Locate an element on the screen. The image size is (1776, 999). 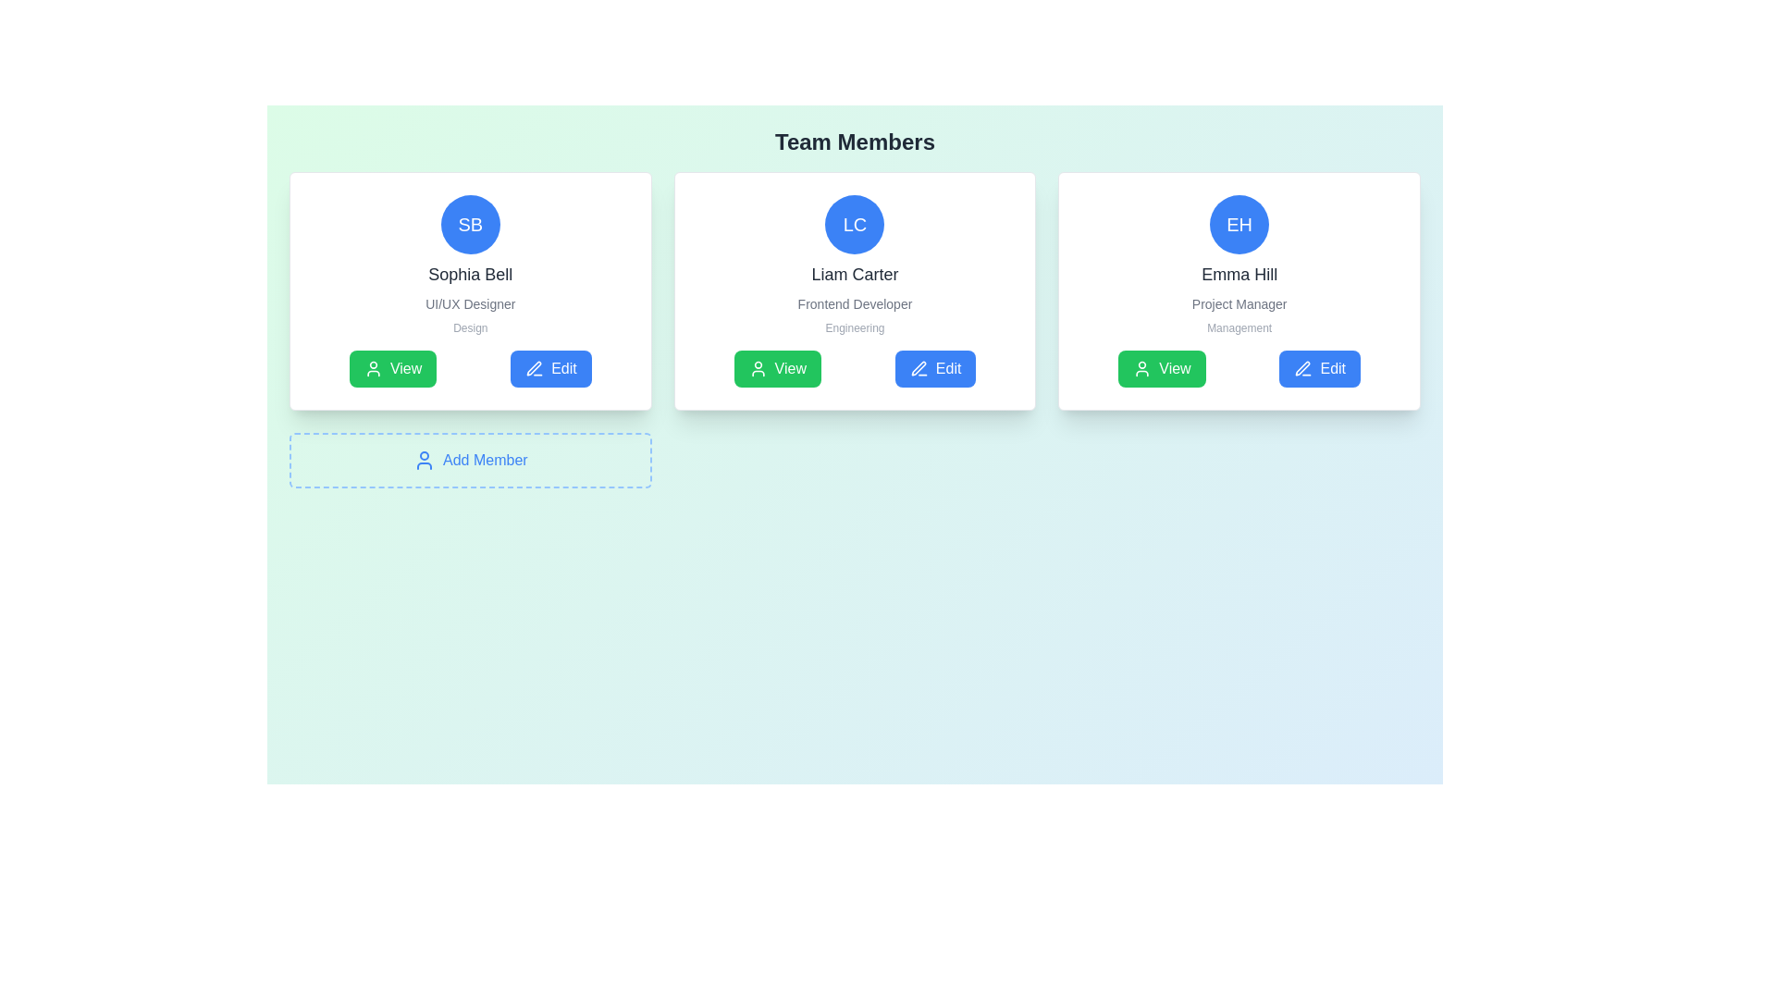
the circular blue avatar with the initials 'LC' displayed in white text, located at the top-center of the profile card above the text labels for 'Liam Carter', 'Frontend Developer', and 'Engineering' is located at coordinates (854, 224).